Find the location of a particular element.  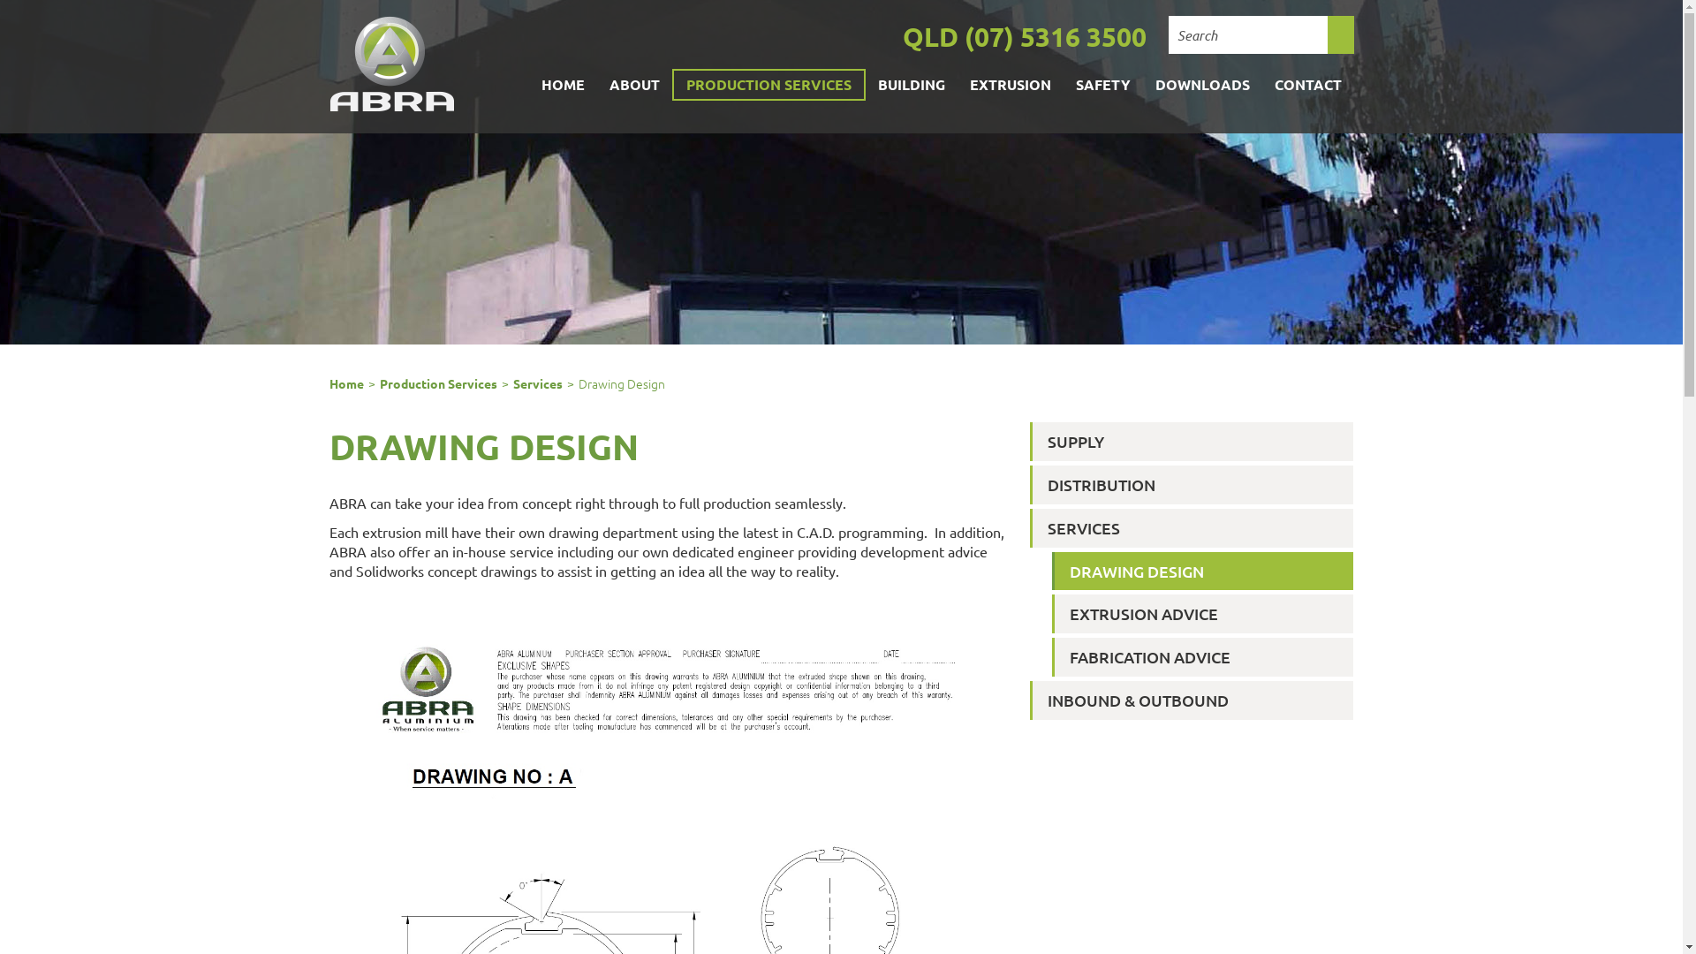

'DOWNLOADS' is located at coordinates (1201, 85).